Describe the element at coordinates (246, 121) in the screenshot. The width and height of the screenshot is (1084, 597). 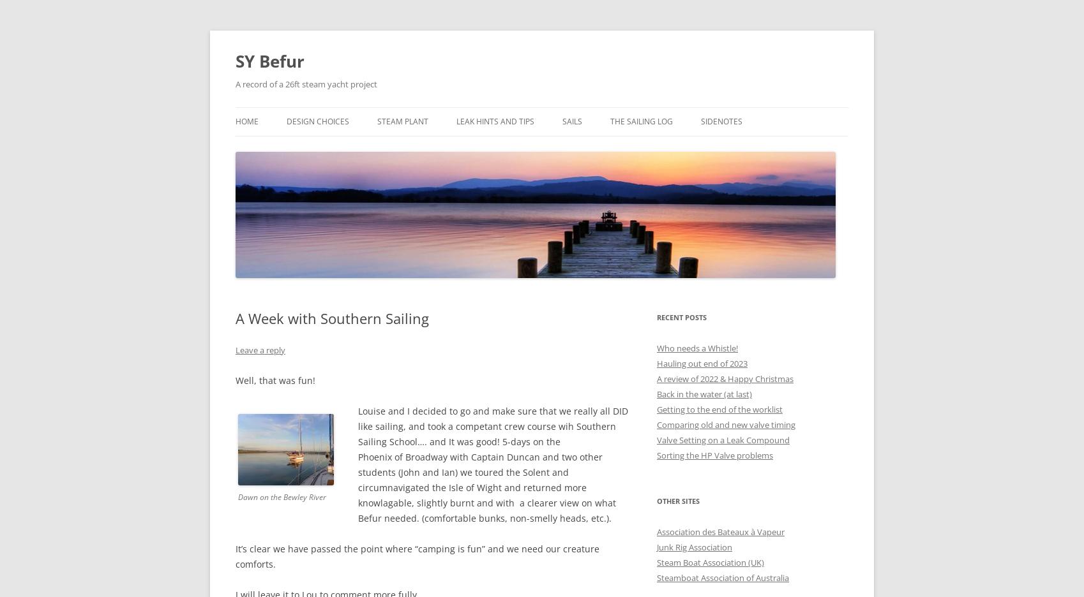
I see `'Home'` at that location.